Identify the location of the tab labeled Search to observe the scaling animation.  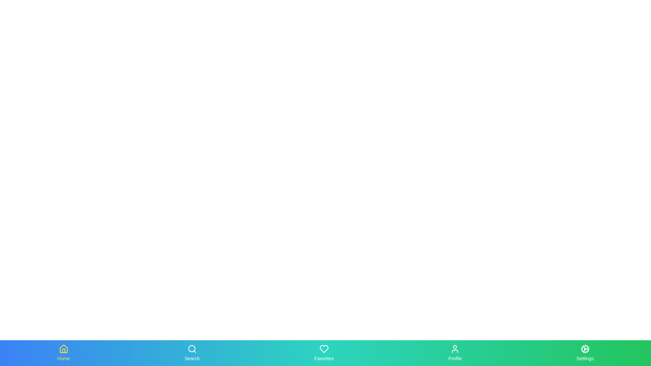
(192, 352).